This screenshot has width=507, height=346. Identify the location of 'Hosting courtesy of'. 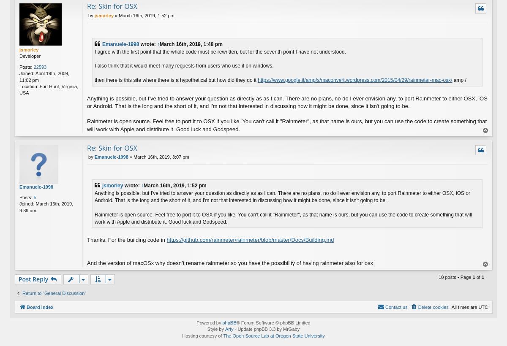
(202, 335).